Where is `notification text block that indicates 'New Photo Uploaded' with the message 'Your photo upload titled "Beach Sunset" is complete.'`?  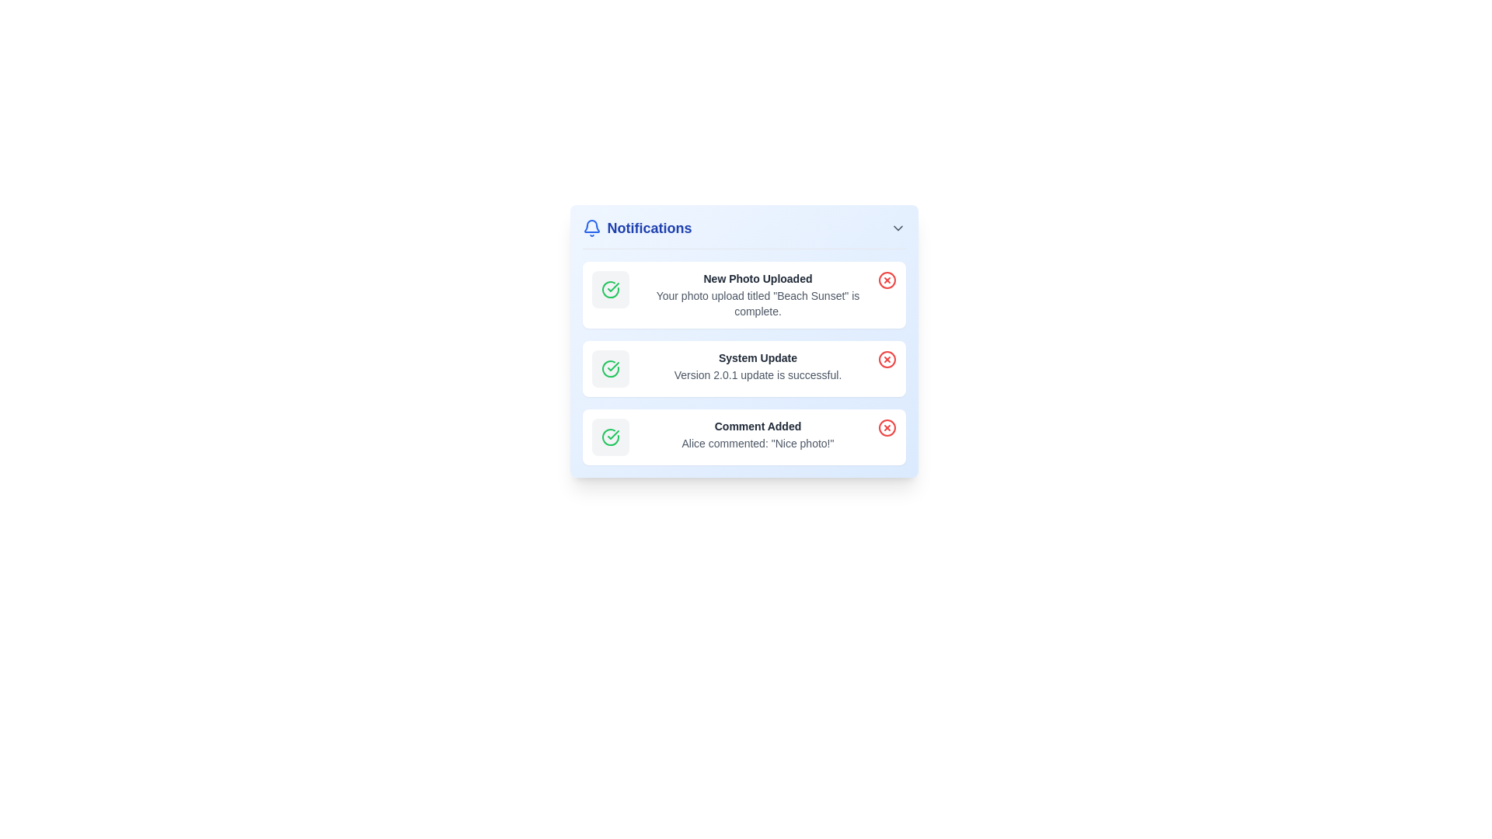
notification text block that indicates 'New Photo Uploaded' with the message 'Your photo upload titled "Beach Sunset" is complete.' is located at coordinates (758, 295).